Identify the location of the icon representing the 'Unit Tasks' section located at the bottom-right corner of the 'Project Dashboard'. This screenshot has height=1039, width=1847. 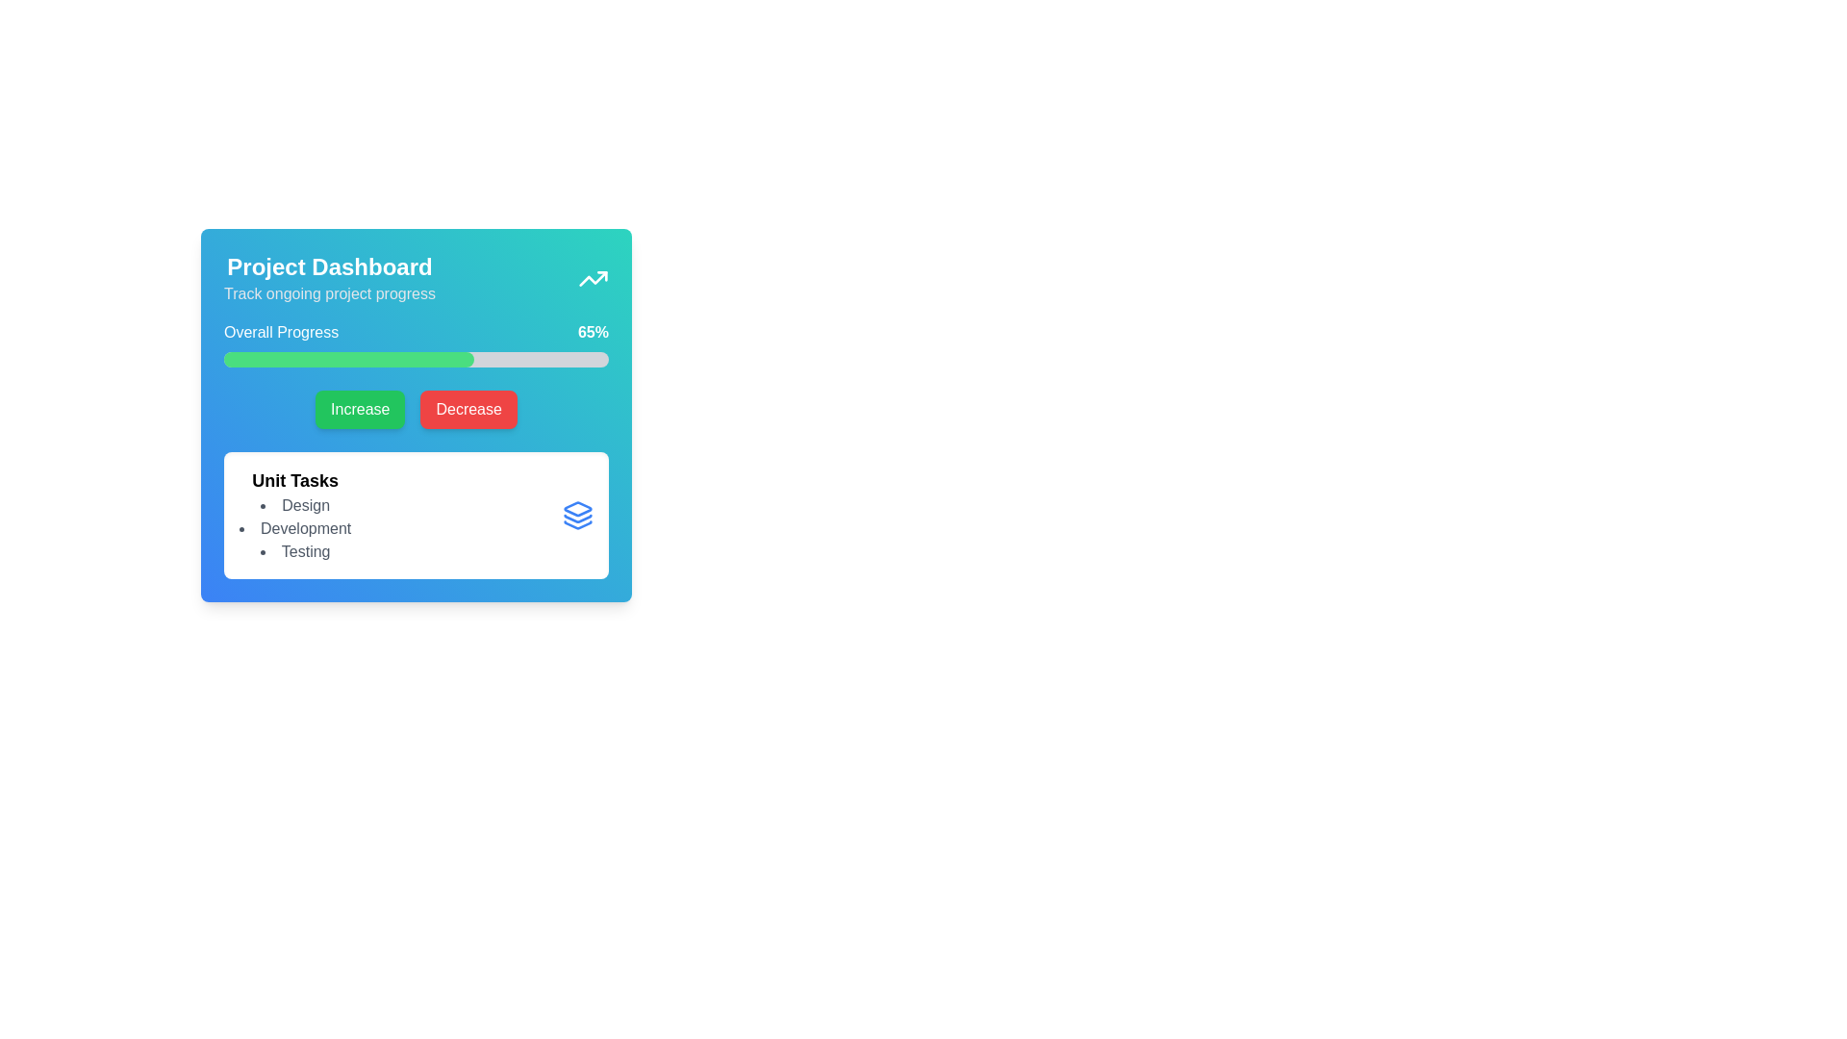
(576, 515).